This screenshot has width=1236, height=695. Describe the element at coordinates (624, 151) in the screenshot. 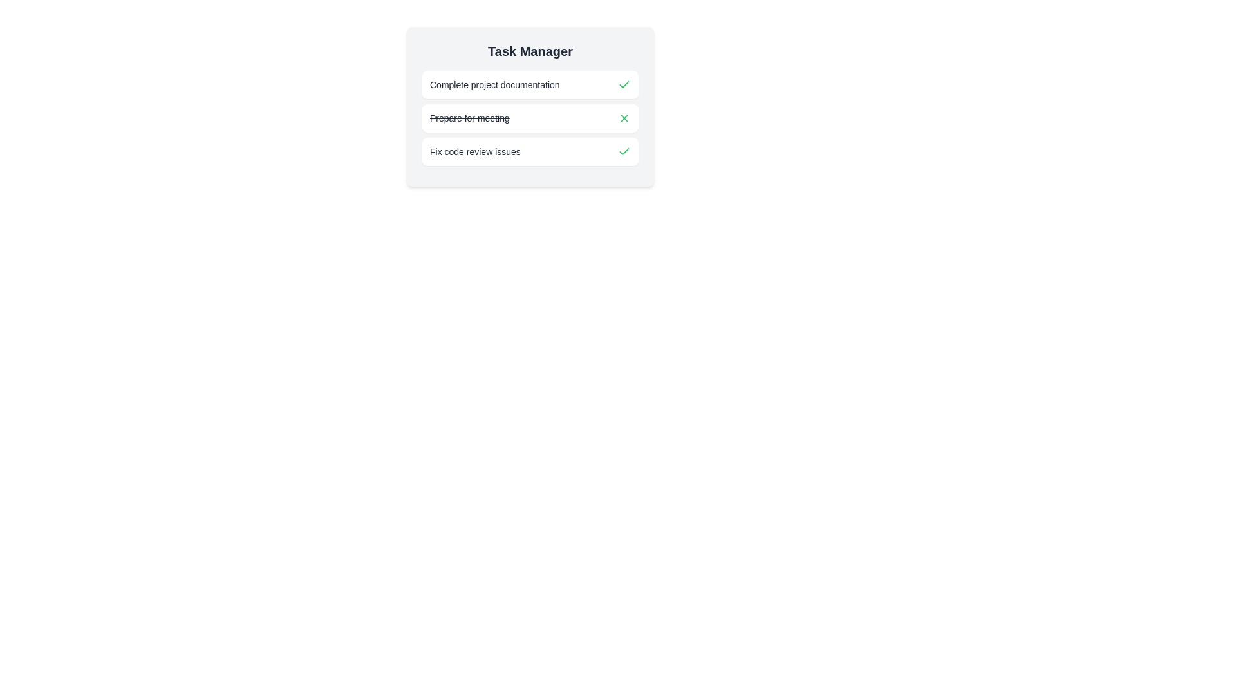

I see `the green checkmark SVG graphic that is positioned to the right of the text 'Complete project documentation'` at that location.